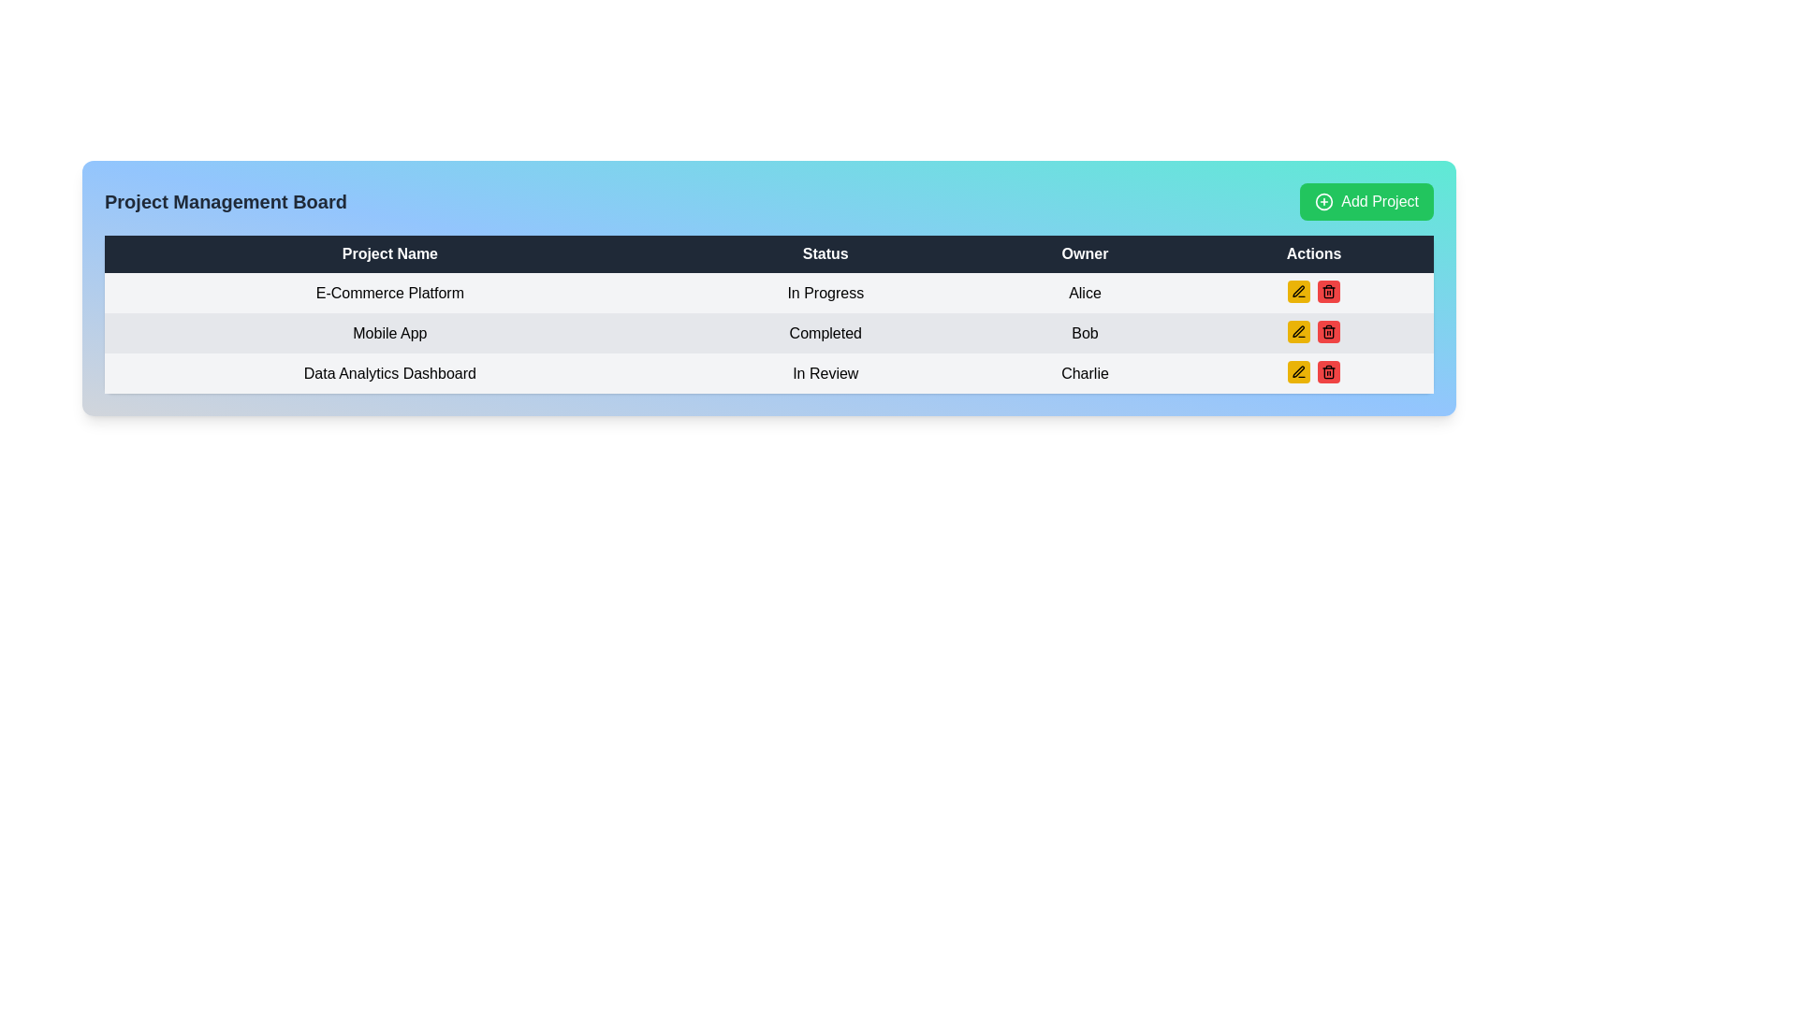 Image resolution: width=1797 pixels, height=1010 pixels. What do you see at coordinates (825, 254) in the screenshot?
I see `the Text Display element that contains the text 'Status', styled with a dark background and white text, which serves as a header in a tabular format` at bounding box center [825, 254].